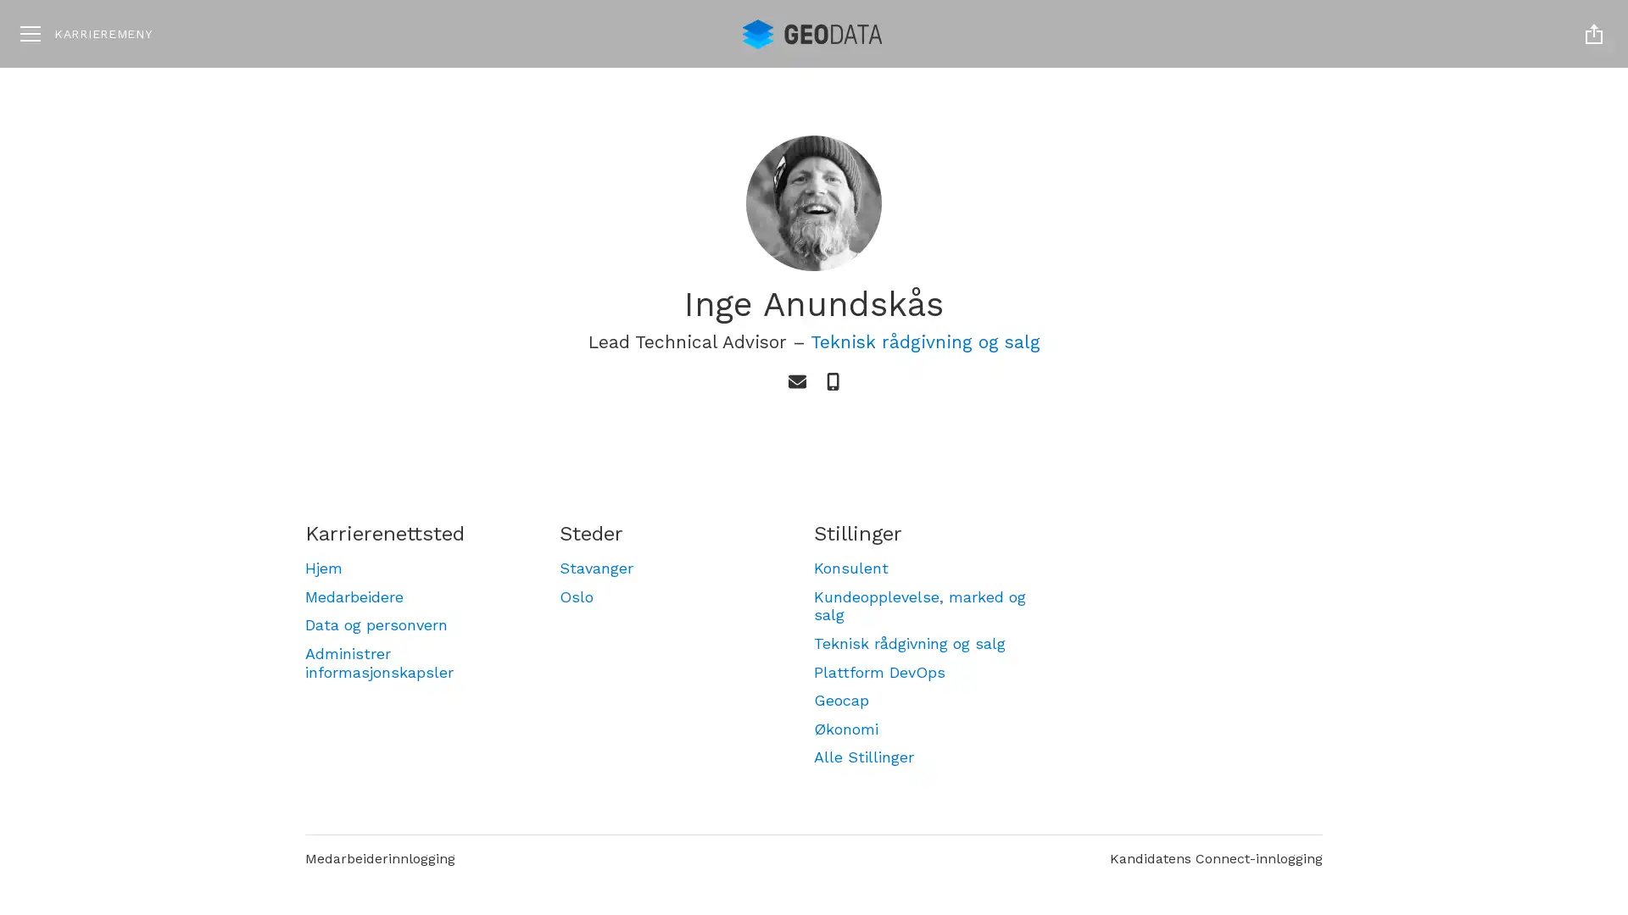  Describe the element at coordinates (1434, 721) in the screenshot. I see `Godta alle` at that location.